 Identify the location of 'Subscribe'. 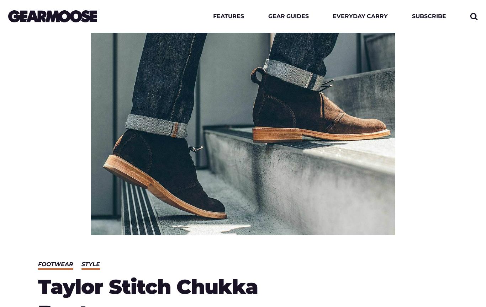
(428, 16).